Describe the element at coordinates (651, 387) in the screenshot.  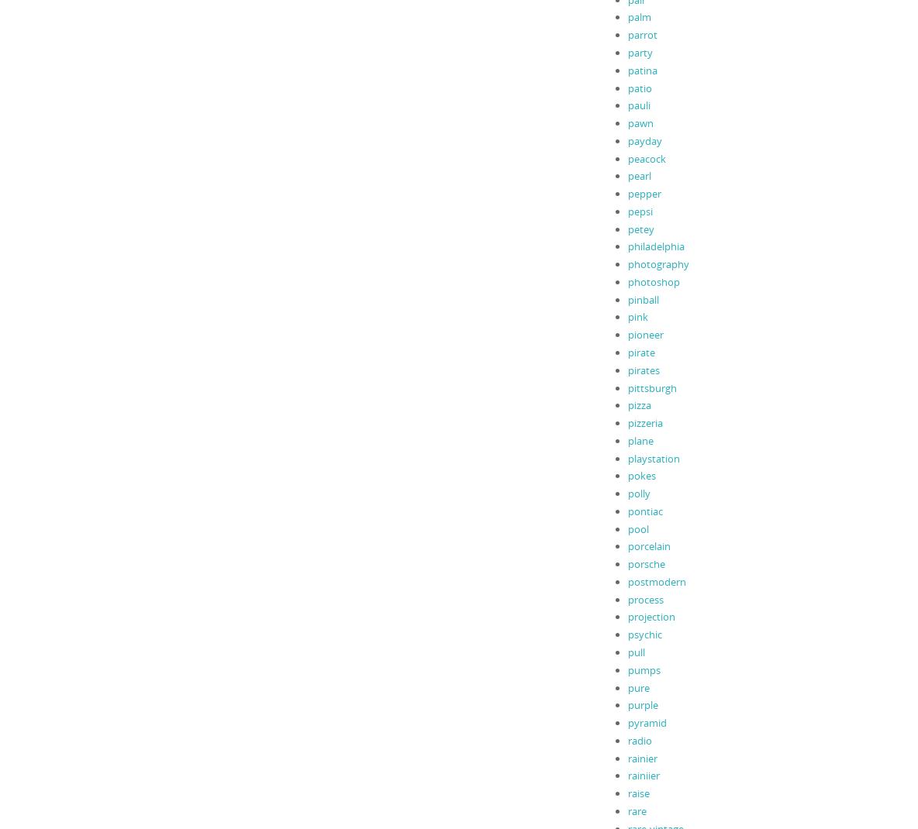
I see `'pittsburgh'` at that location.